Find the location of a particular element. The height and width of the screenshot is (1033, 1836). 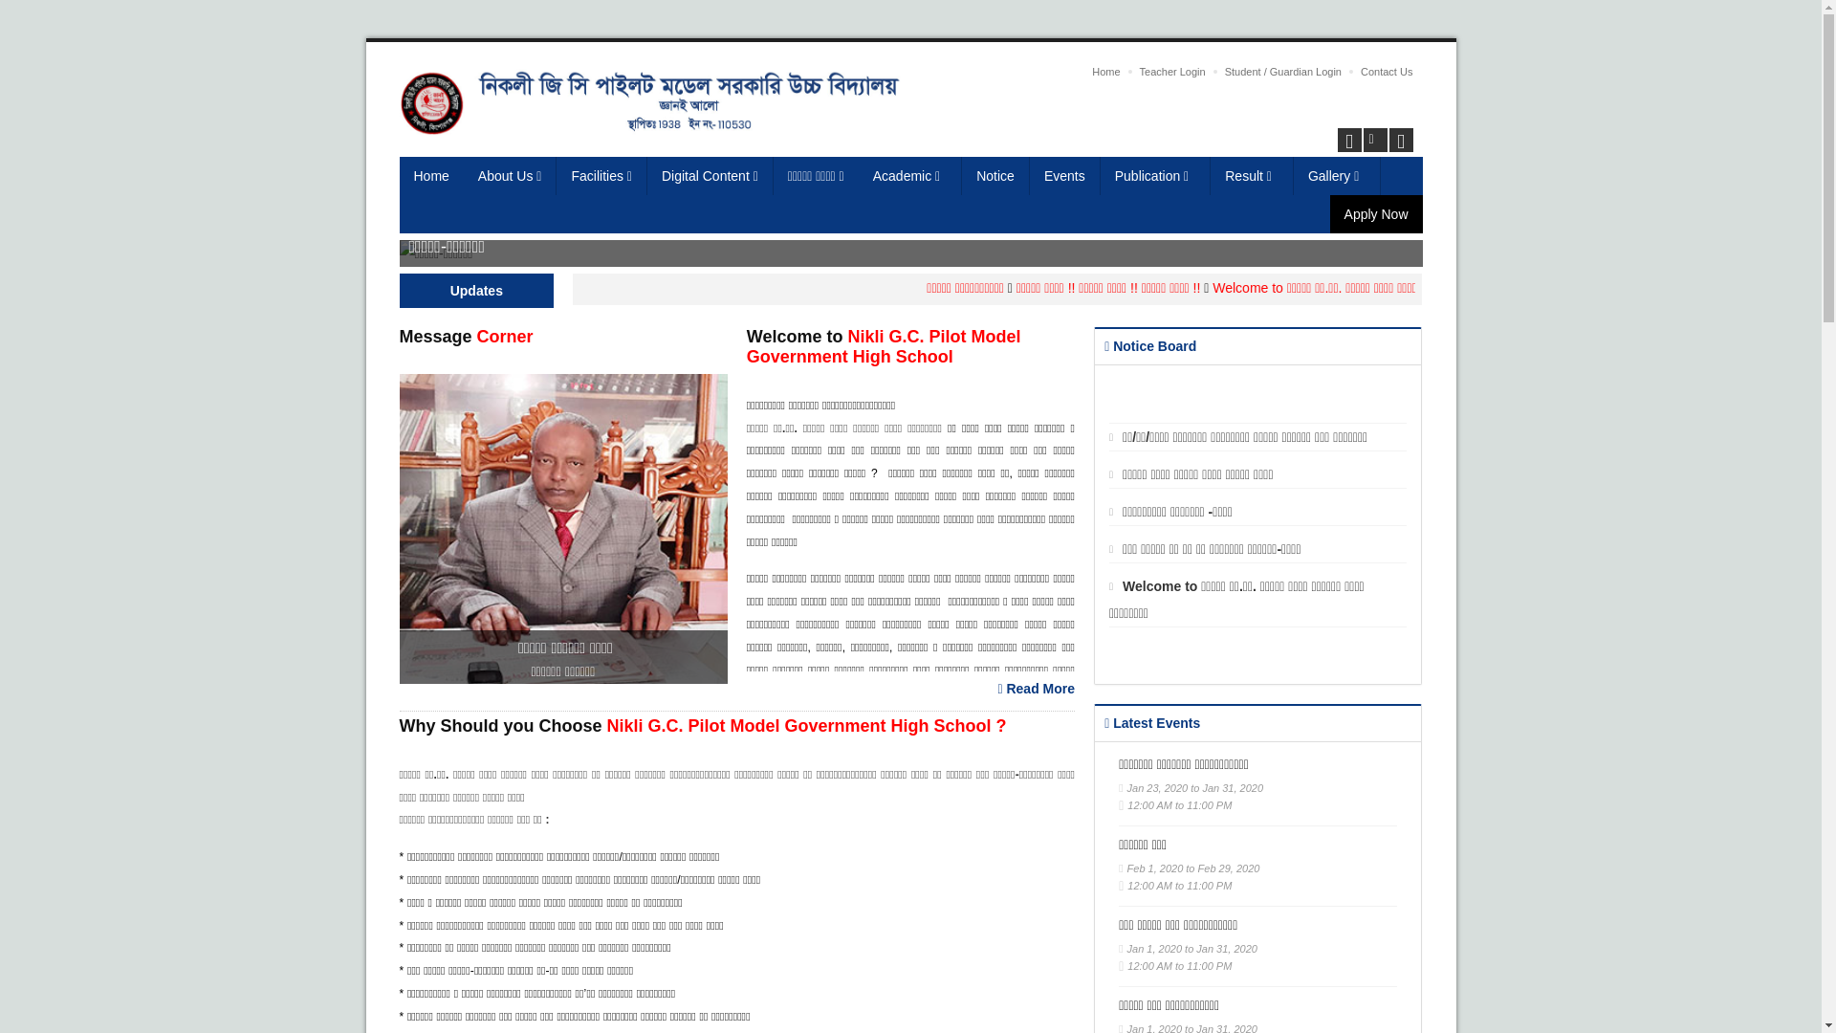

'Notice' is located at coordinates (994, 176).